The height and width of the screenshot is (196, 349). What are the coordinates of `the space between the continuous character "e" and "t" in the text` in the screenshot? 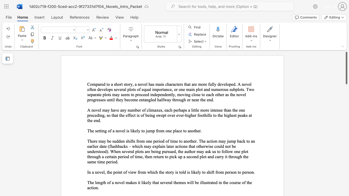 It's located at (98, 131).